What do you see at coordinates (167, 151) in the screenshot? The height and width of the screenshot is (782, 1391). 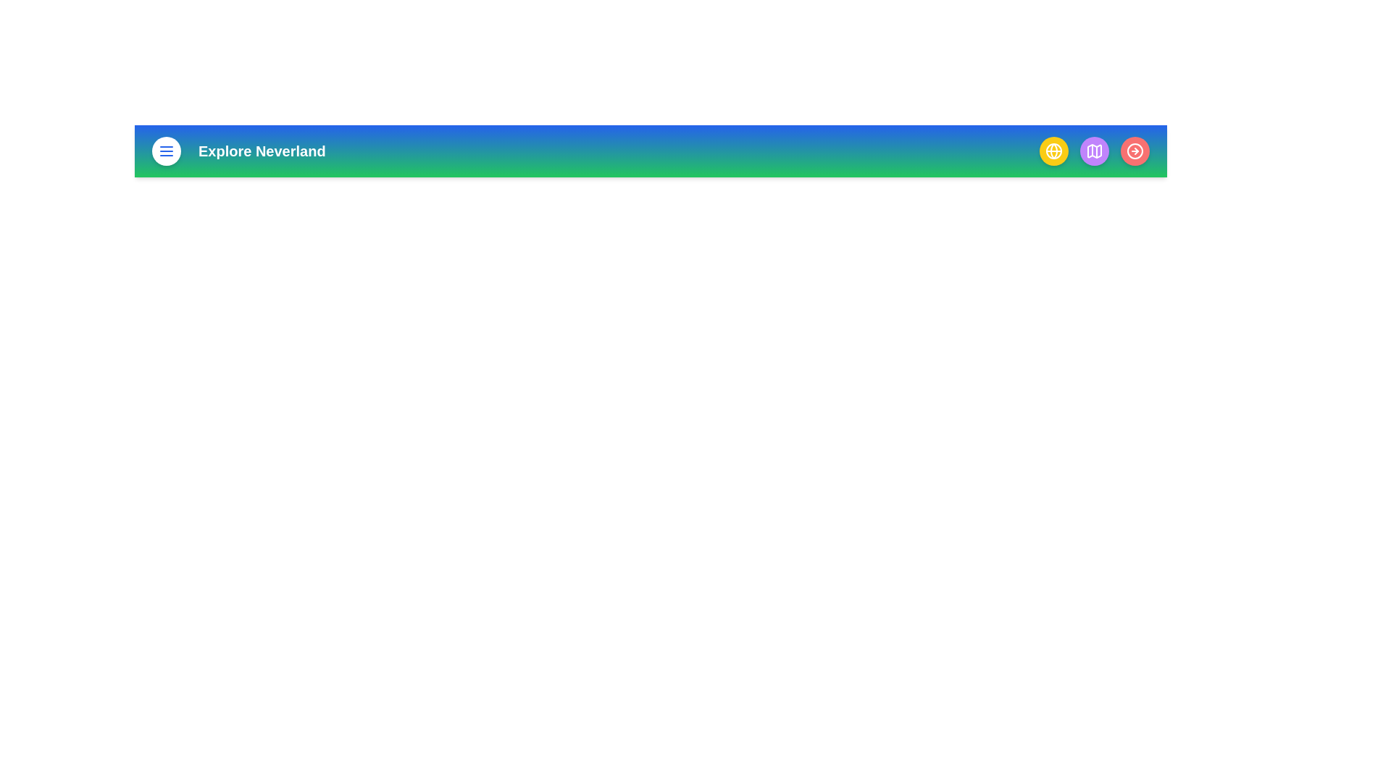 I see `menu button to open the navigation drawer` at bounding box center [167, 151].